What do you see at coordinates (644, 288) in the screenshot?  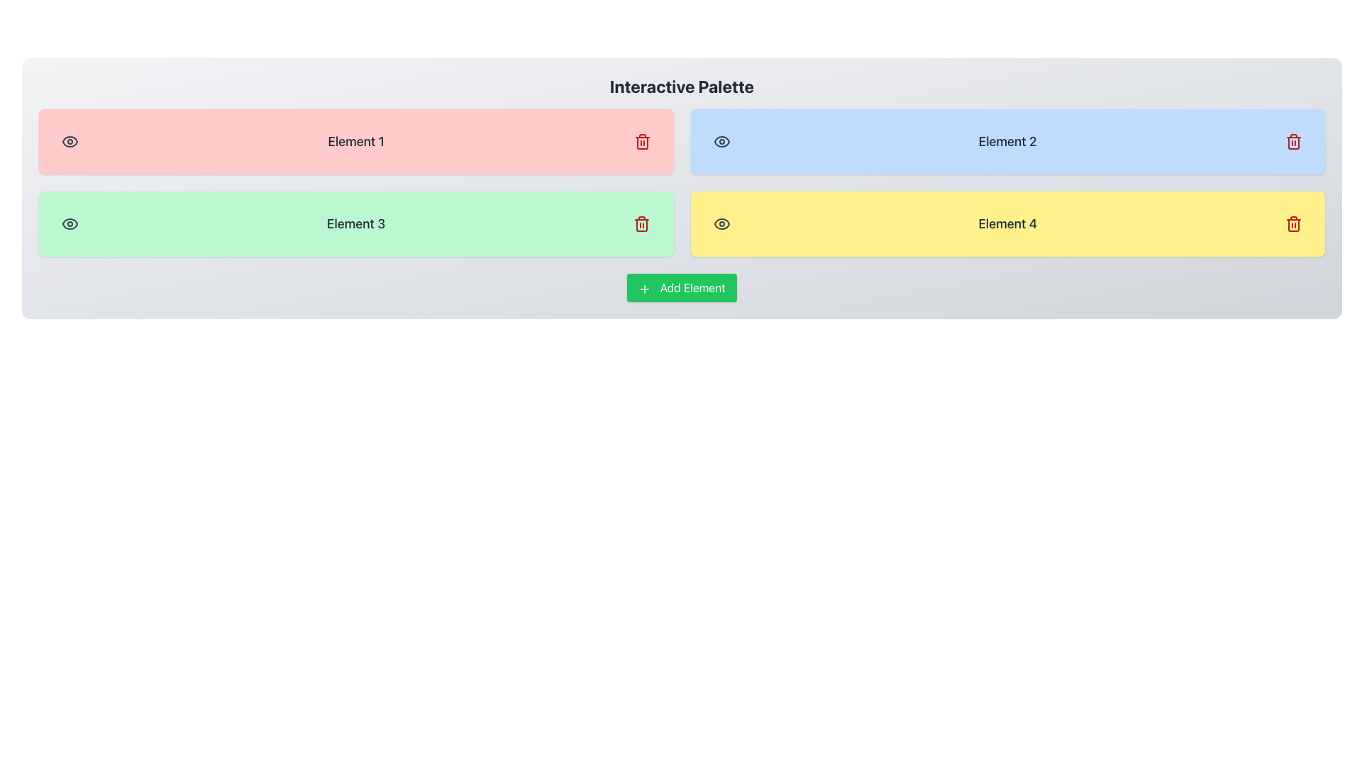 I see `the small, rounded, green-bordered icon resembling a plus sign, which is part of the 'Add Element' button positioned towards its left edge` at bounding box center [644, 288].